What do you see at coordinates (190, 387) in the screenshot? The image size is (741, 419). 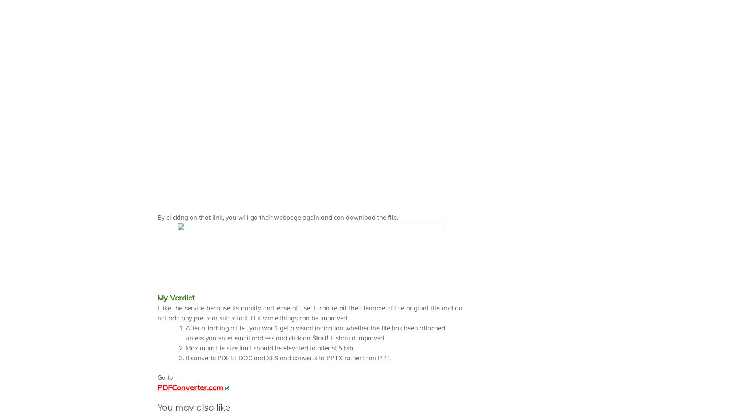 I see `'PDFConverter.com'` at bounding box center [190, 387].